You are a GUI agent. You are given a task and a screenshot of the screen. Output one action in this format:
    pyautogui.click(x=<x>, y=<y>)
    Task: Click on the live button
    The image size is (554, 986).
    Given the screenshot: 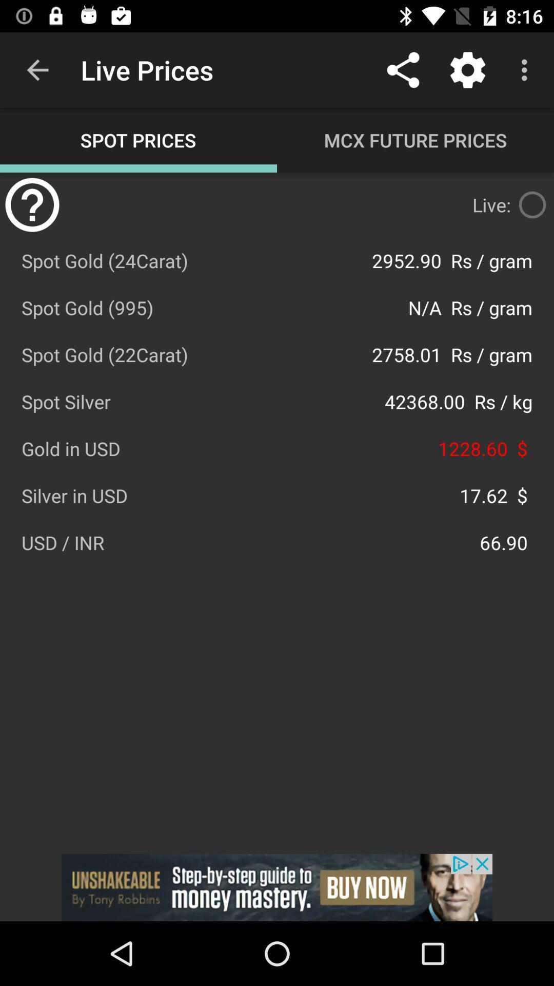 What is the action you would take?
    pyautogui.click(x=531, y=204)
    